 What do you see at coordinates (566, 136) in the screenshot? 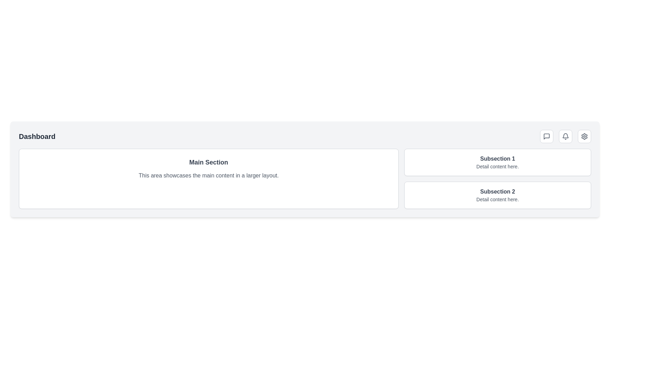
I see `the notification button, which is a rounded rectangle with a white background and a grey bell icon, located second from the left in a horizontal arrangement on the top bar of the dashboard` at bounding box center [566, 136].